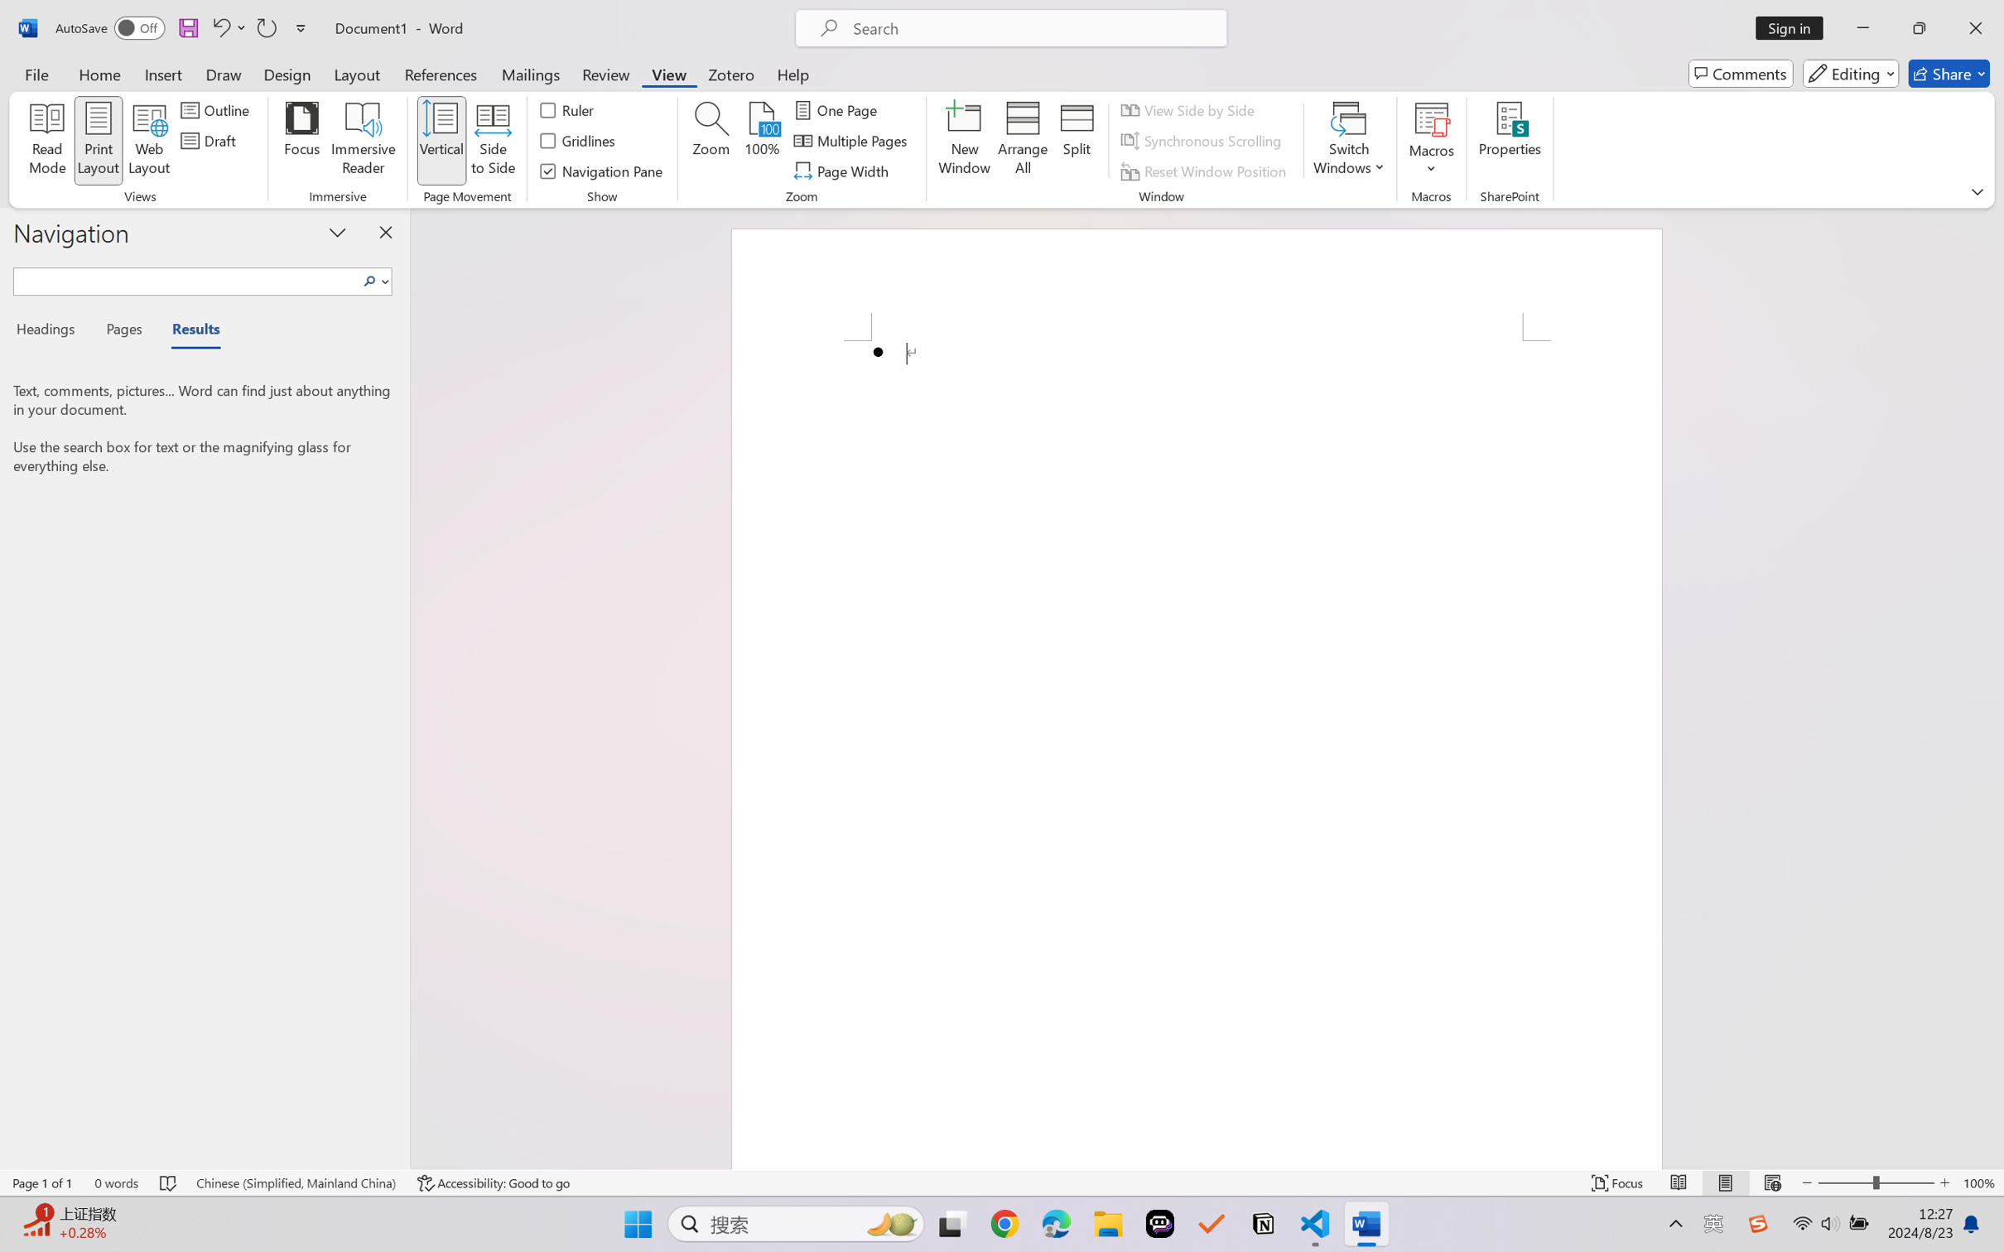 The image size is (2004, 1252). What do you see at coordinates (216, 108) in the screenshot?
I see `'Outline'` at bounding box center [216, 108].